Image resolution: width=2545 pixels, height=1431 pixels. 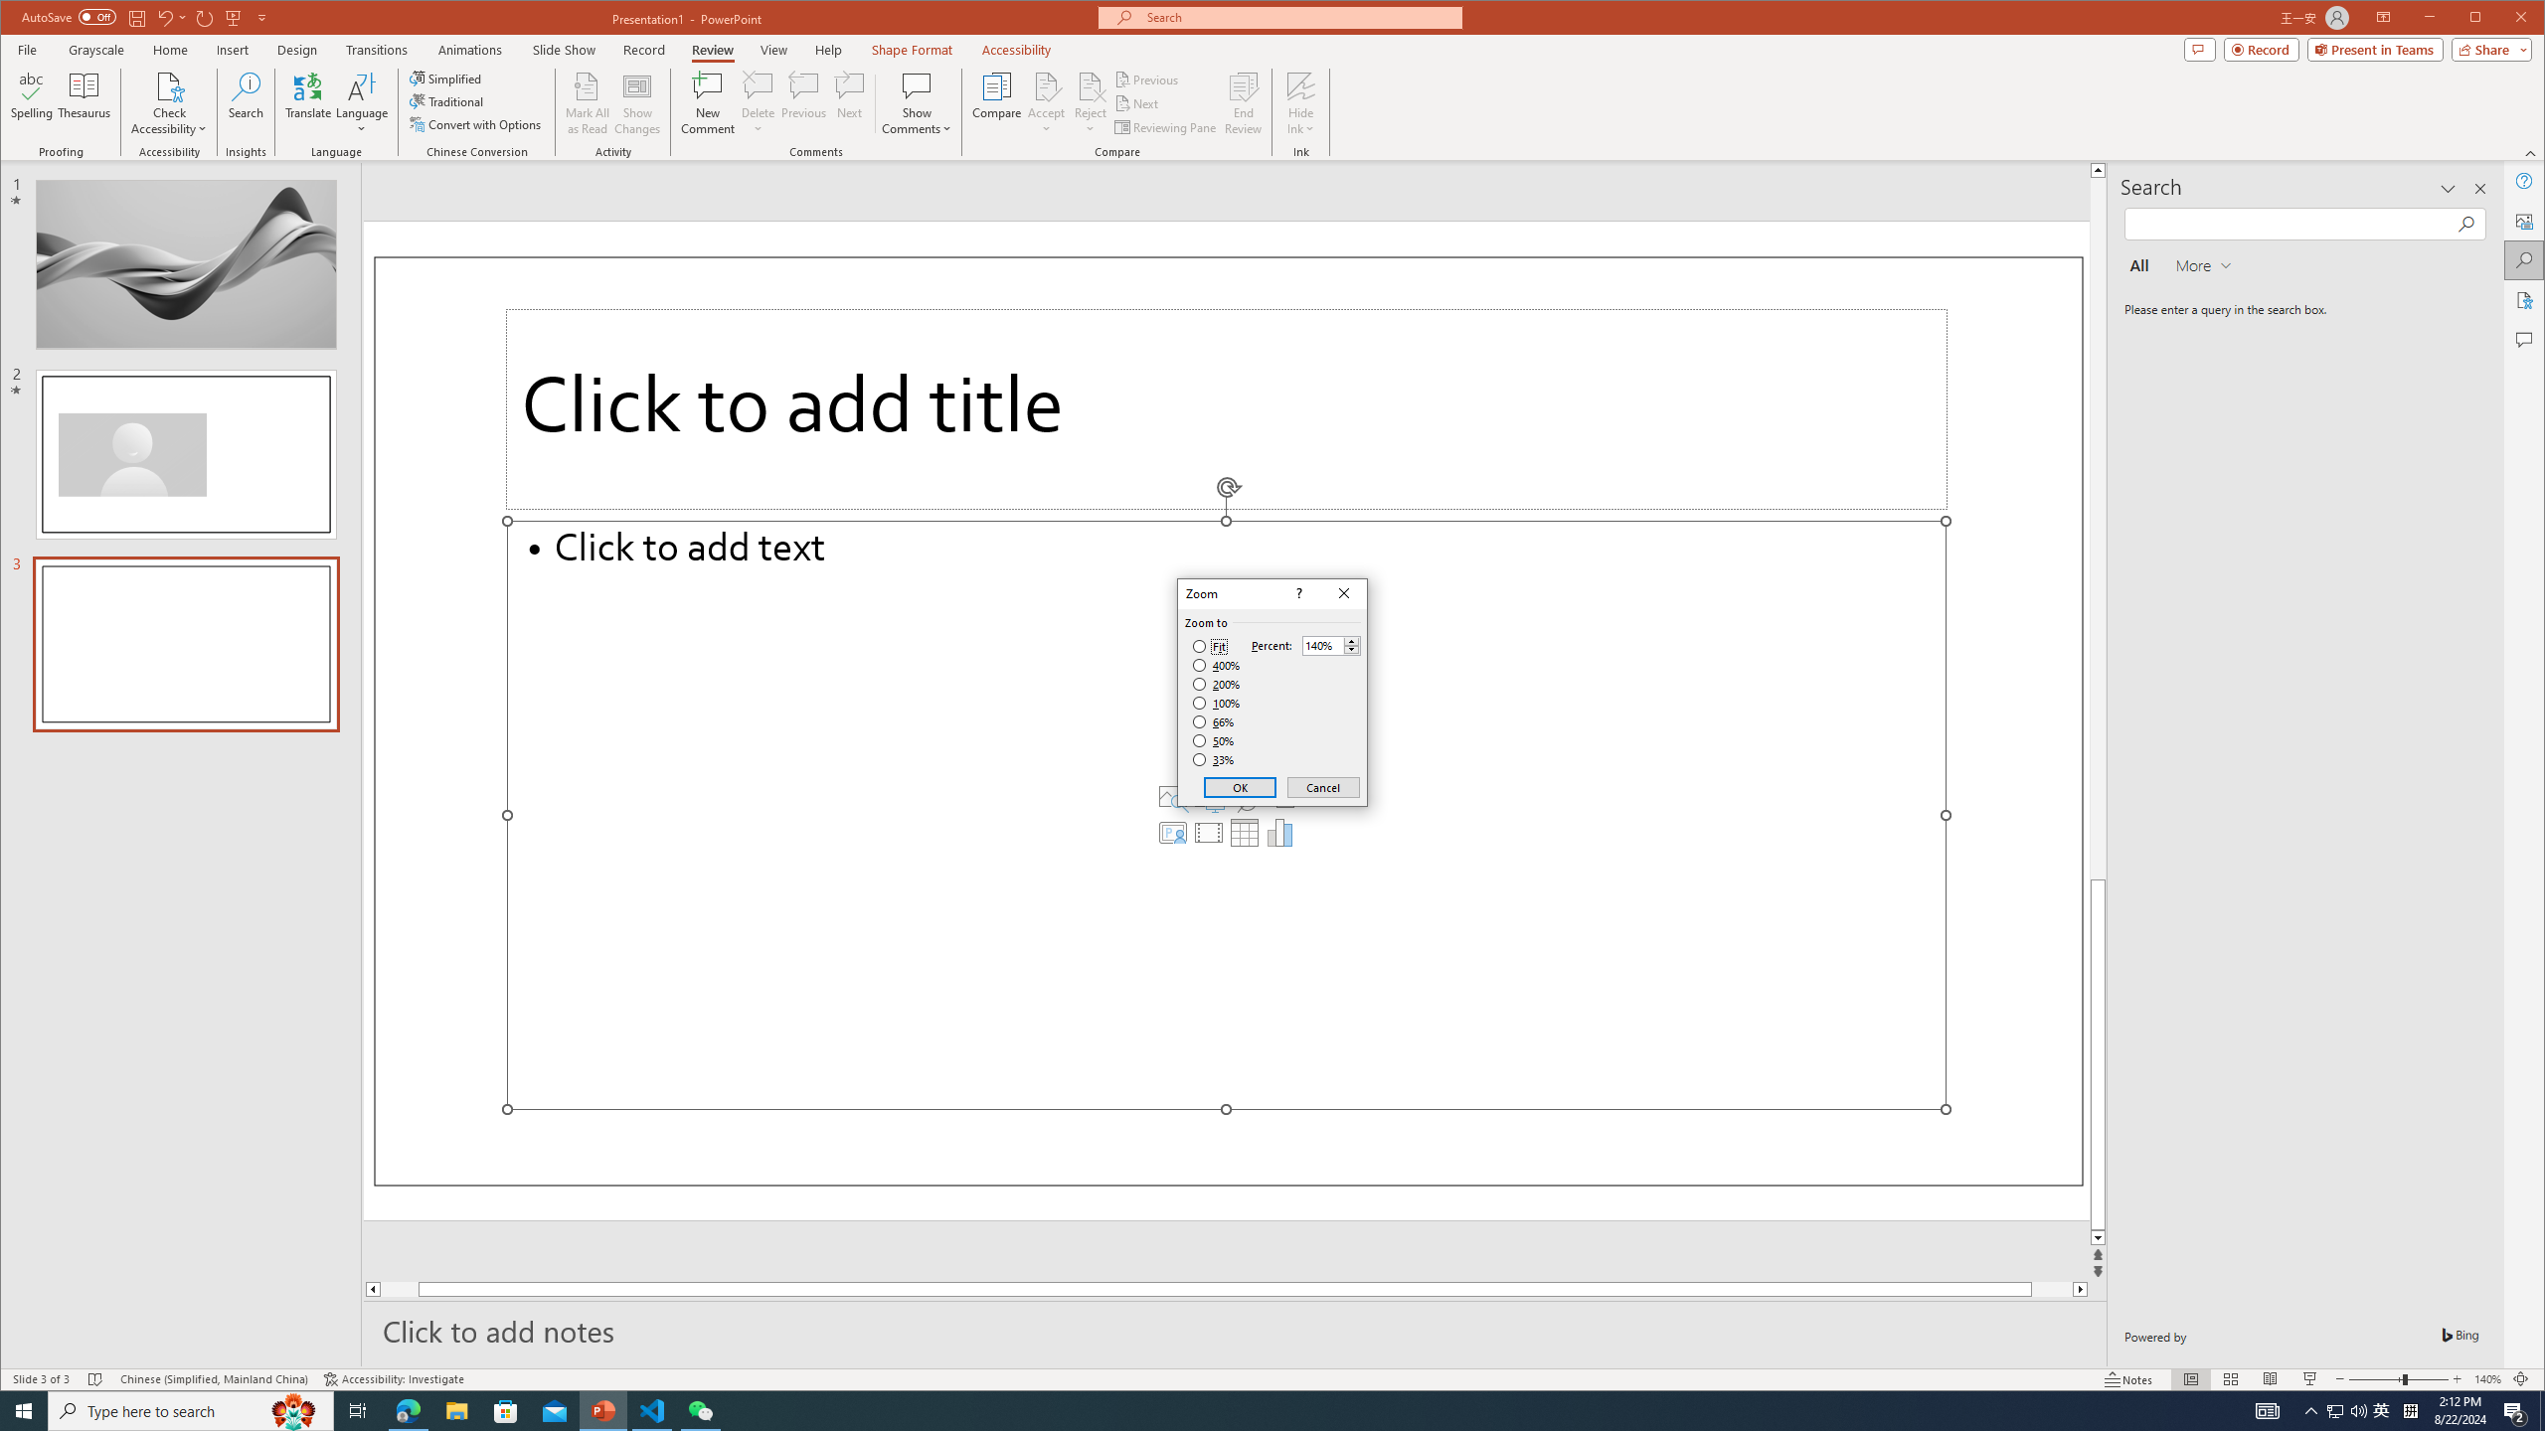 I want to click on 'Reject', so click(x=1090, y=102).